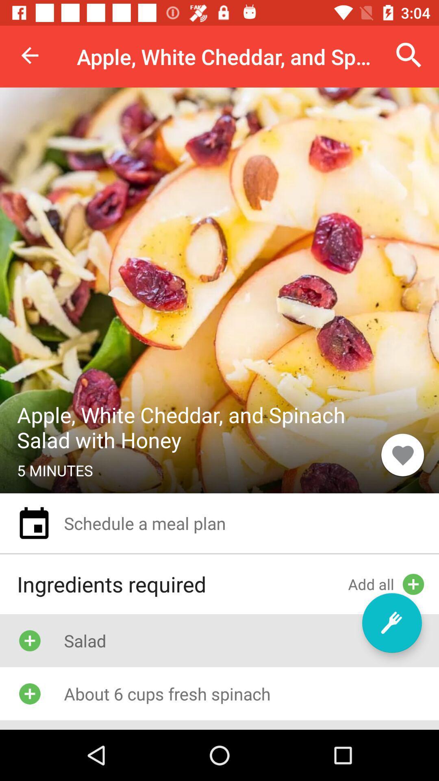 The image size is (439, 781). I want to click on the edit icon, so click(391, 622).